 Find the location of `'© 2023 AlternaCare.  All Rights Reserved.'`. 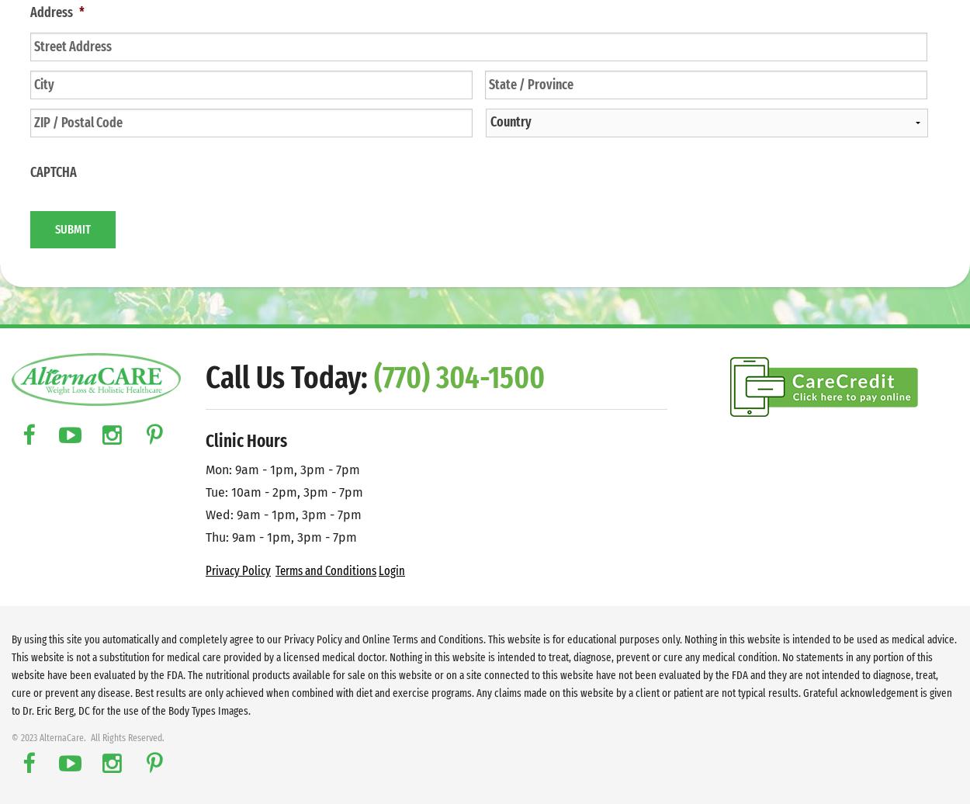

'© 2023 AlternaCare.  All Rights Reserved.' is located at coordinates (87, 737).